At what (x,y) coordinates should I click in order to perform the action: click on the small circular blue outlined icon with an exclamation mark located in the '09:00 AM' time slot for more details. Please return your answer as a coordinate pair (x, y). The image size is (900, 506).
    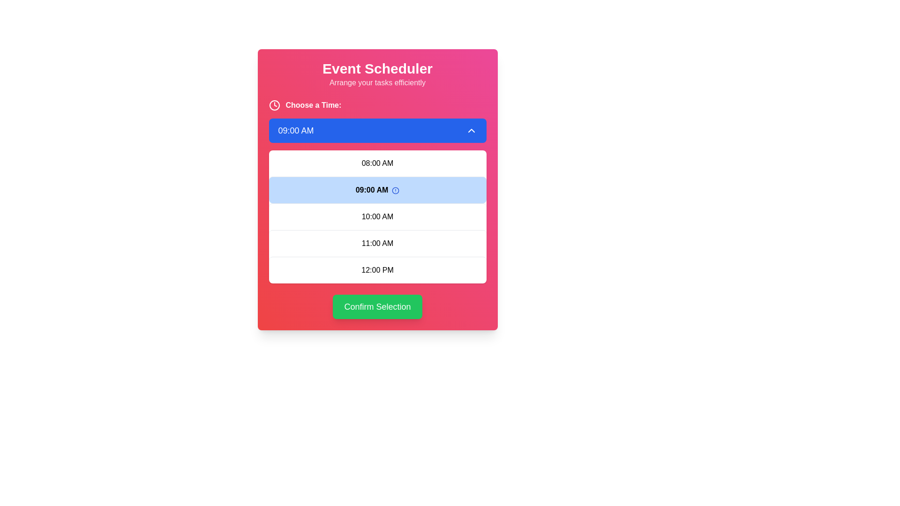
    Looking at the image, I should click on (396, 190).